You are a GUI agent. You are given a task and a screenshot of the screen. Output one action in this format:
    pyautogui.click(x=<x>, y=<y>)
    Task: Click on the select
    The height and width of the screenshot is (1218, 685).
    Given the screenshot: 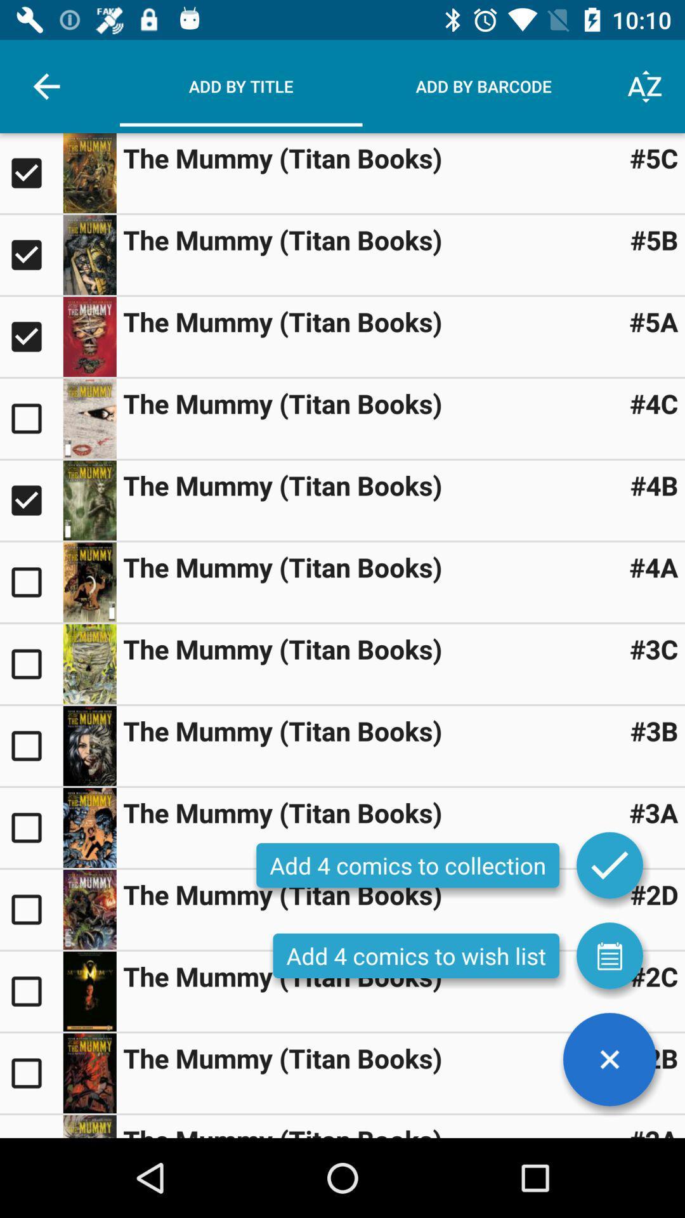 What is the action you would take?
    pyautogui.click(x=30, y=173)
    